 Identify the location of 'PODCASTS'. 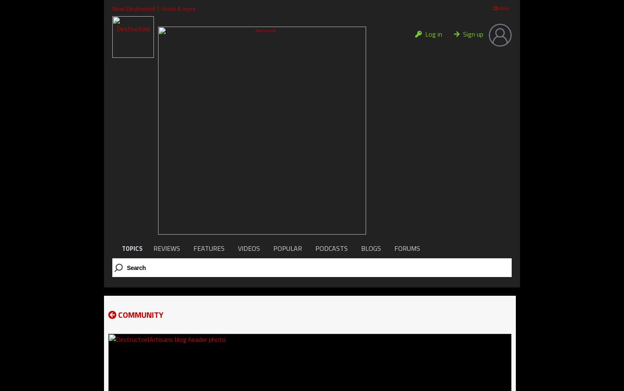
(331, 247).